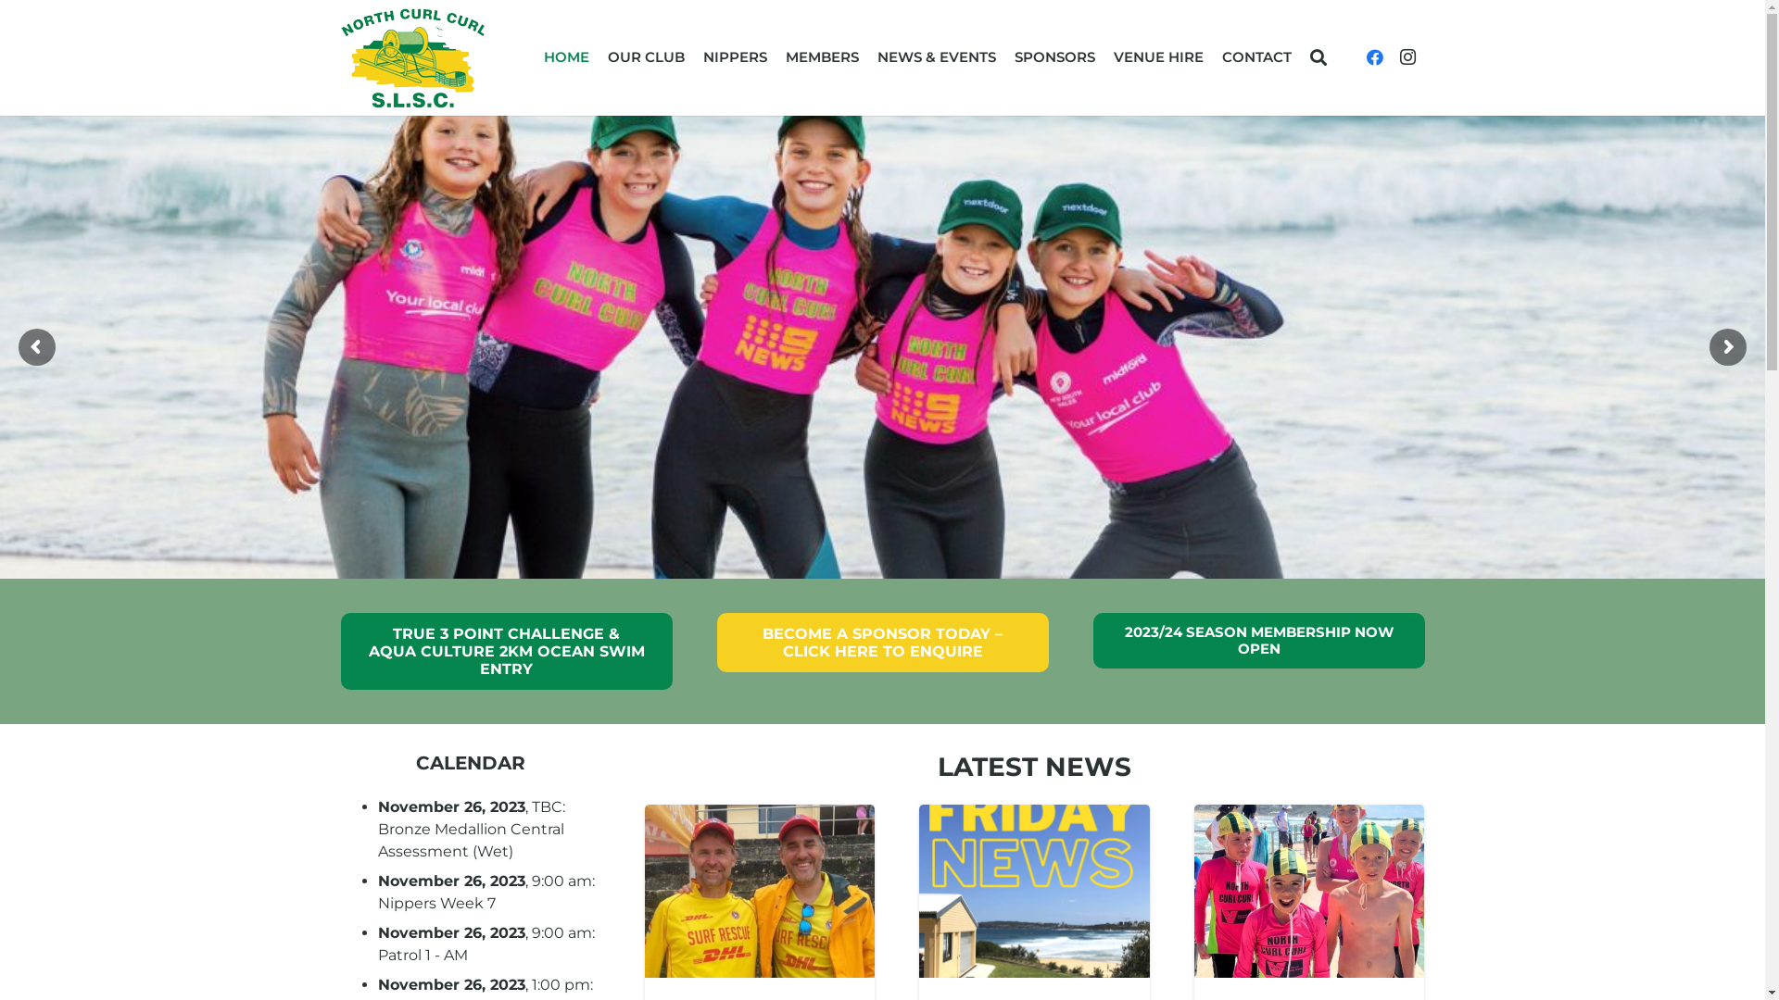  I want to click on 'OUR CLUB', so click(646, 56).